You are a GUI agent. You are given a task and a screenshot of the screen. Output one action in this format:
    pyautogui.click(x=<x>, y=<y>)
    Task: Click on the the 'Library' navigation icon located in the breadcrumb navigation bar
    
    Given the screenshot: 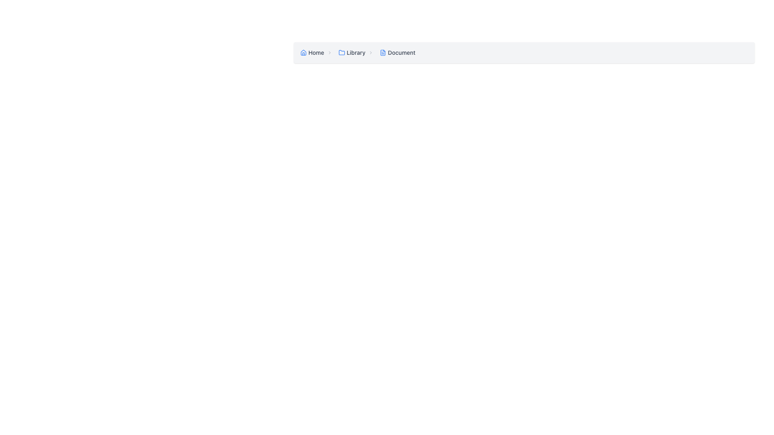 What is the action you would take?
    pyautogui.click(x=342, y=52)
    